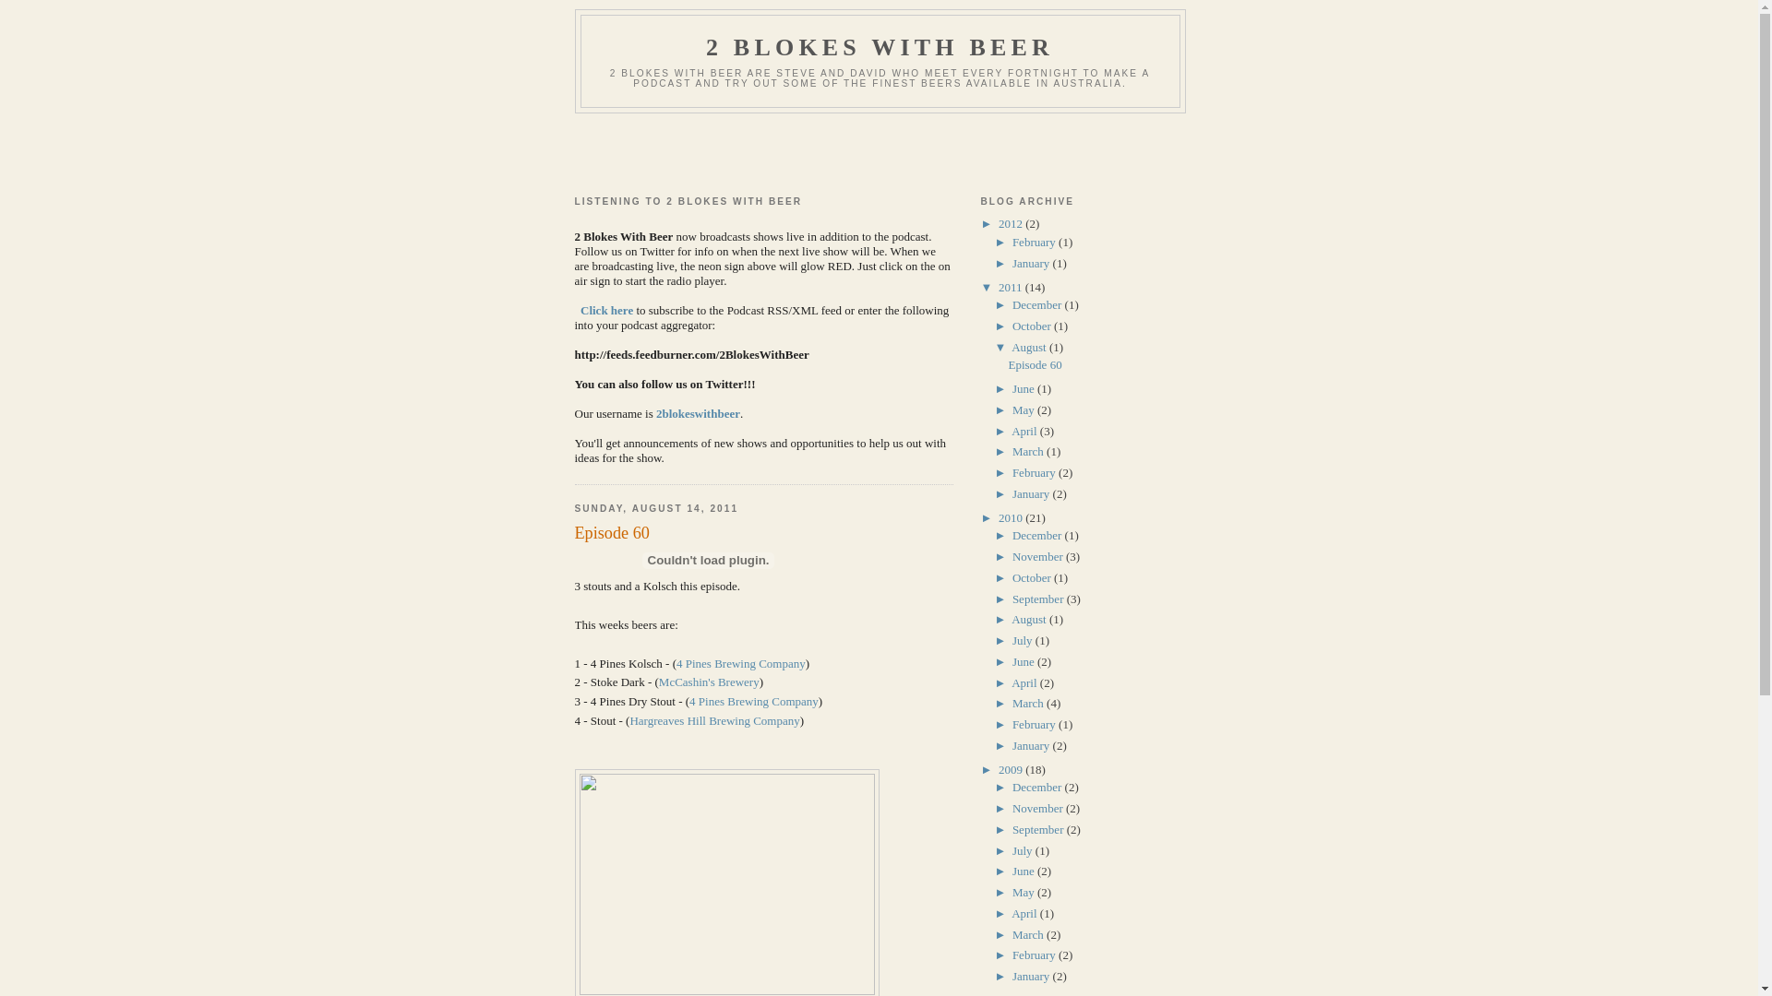  I want to click on 'October', so click(1032, 325).